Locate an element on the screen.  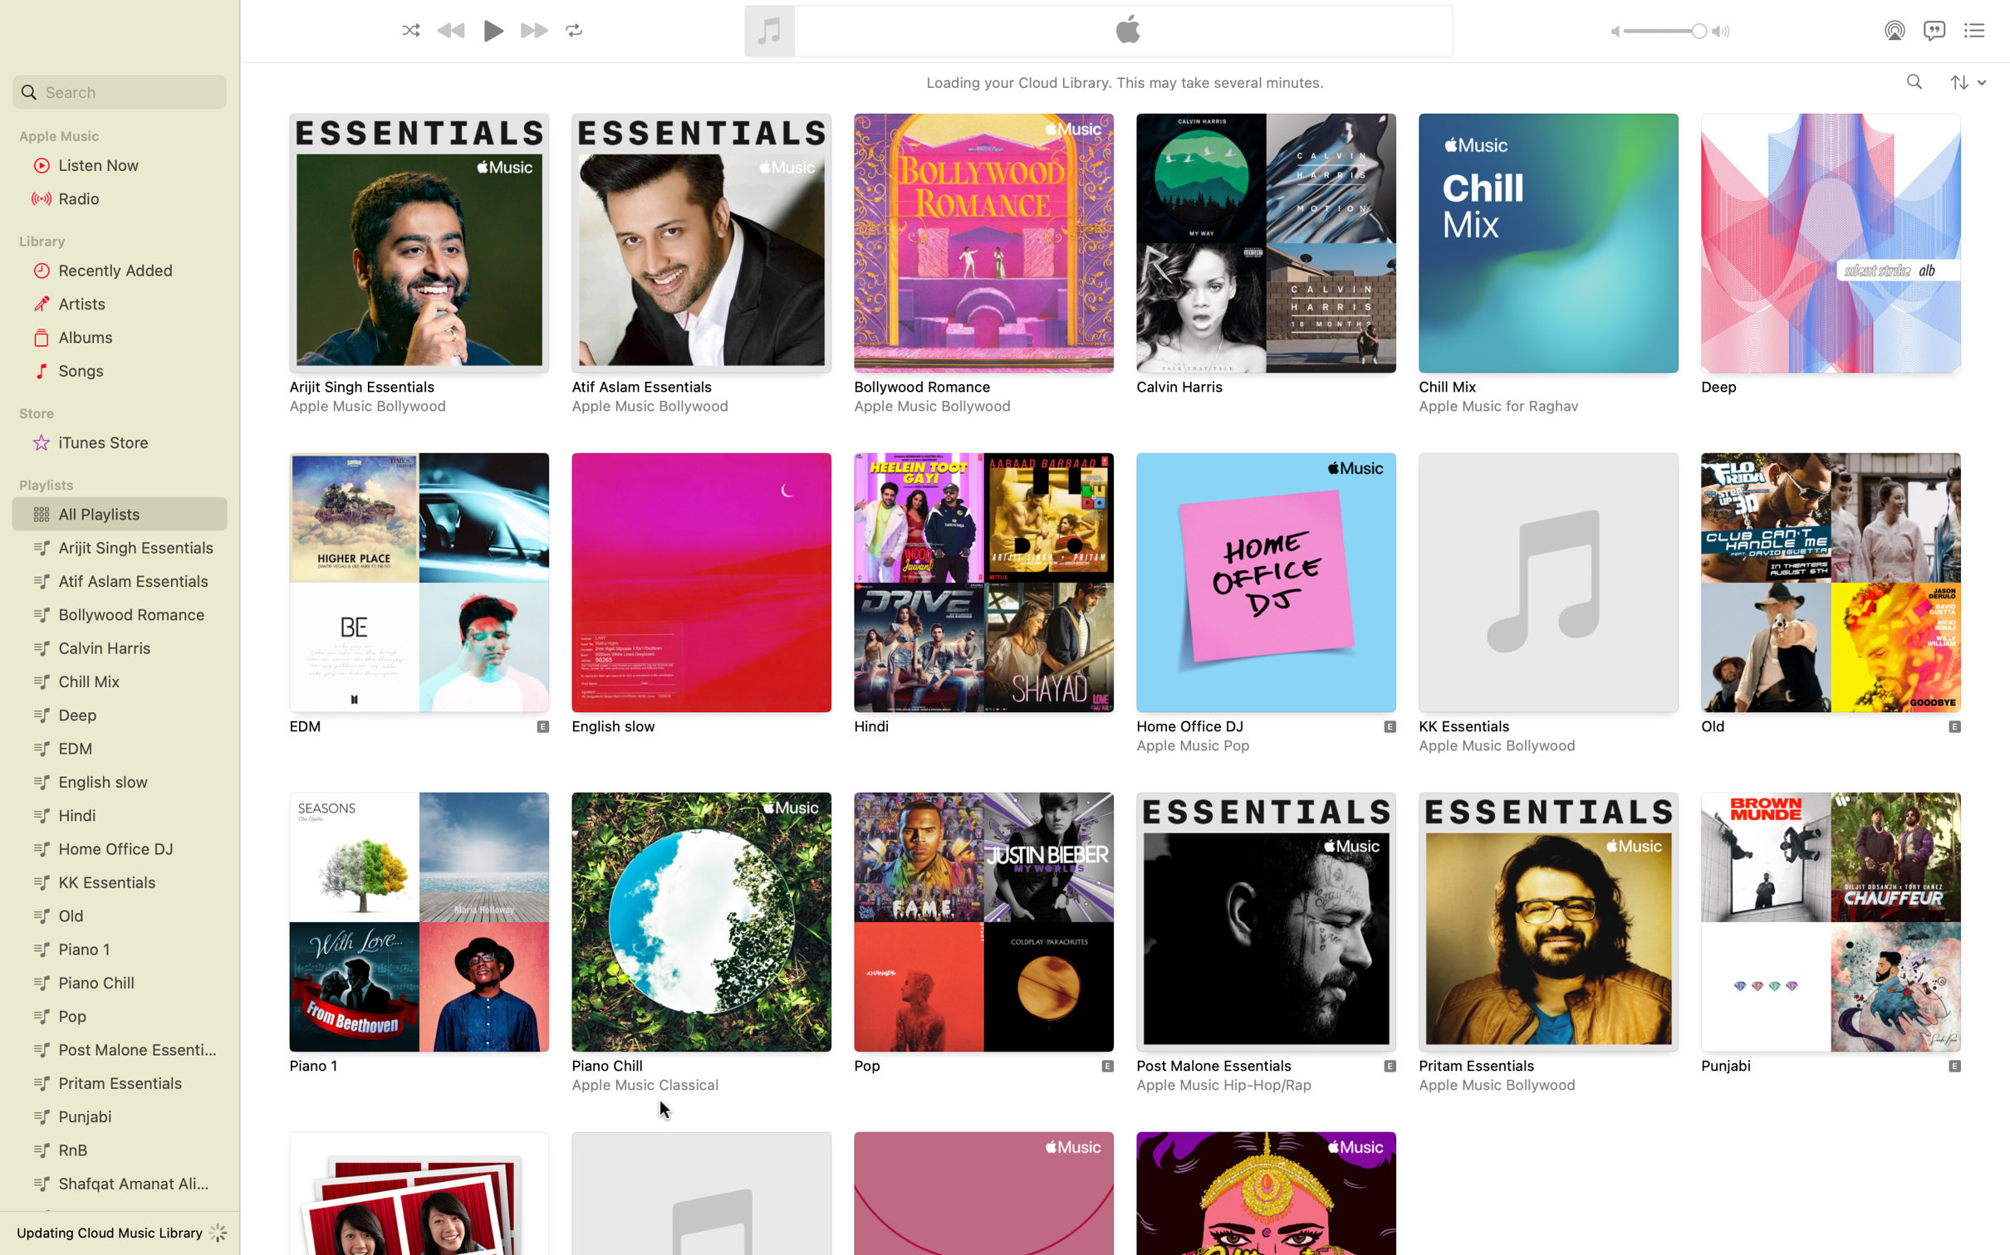
Start the radio for audio streaming is located at coordinates (119, 199).